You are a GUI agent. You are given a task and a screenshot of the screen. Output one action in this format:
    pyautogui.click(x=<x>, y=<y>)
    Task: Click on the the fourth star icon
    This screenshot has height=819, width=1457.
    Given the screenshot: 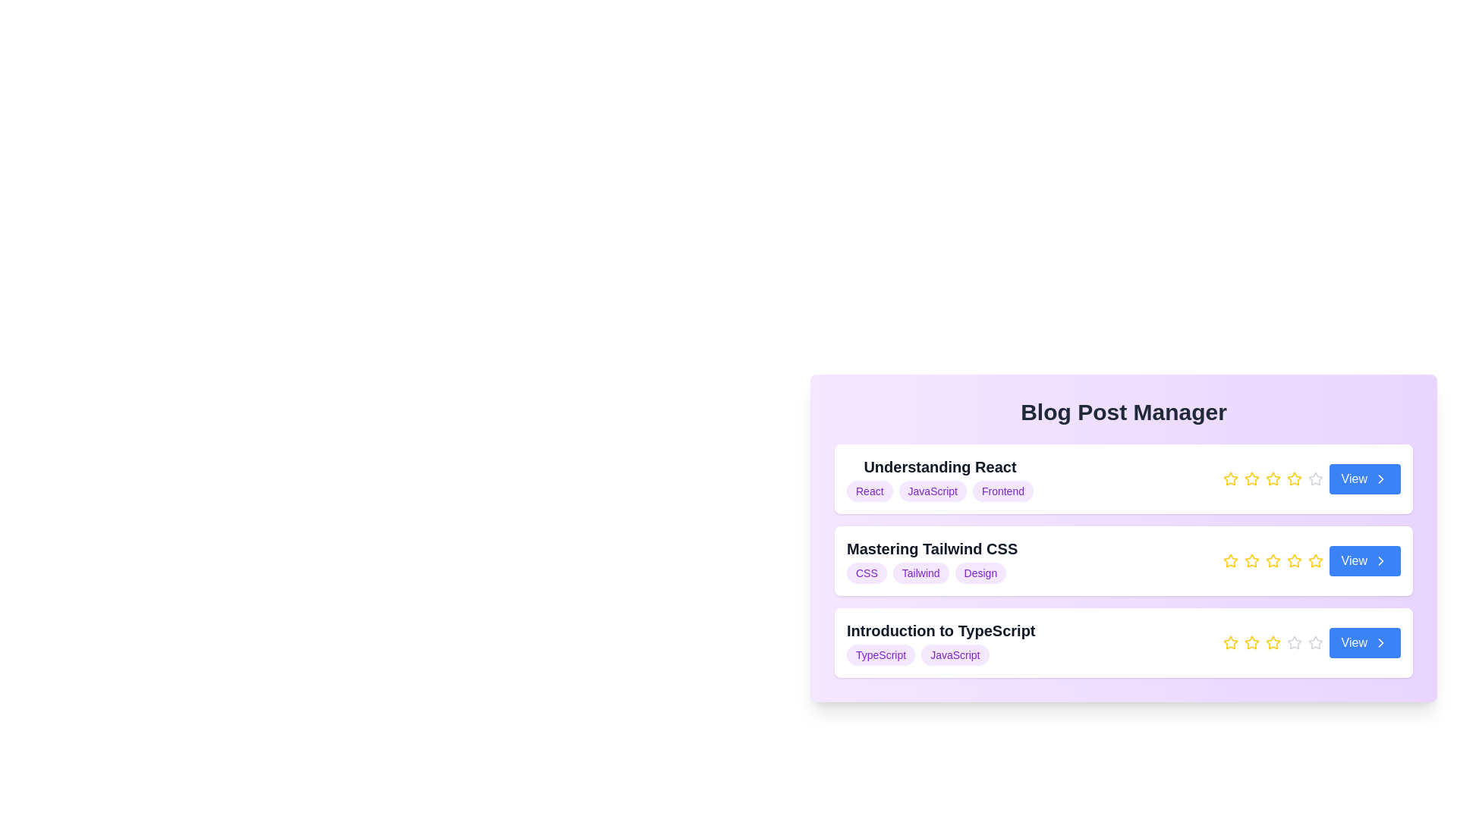 What is the action you would take?
    pyautogui.click(x=1272, y=561)
    